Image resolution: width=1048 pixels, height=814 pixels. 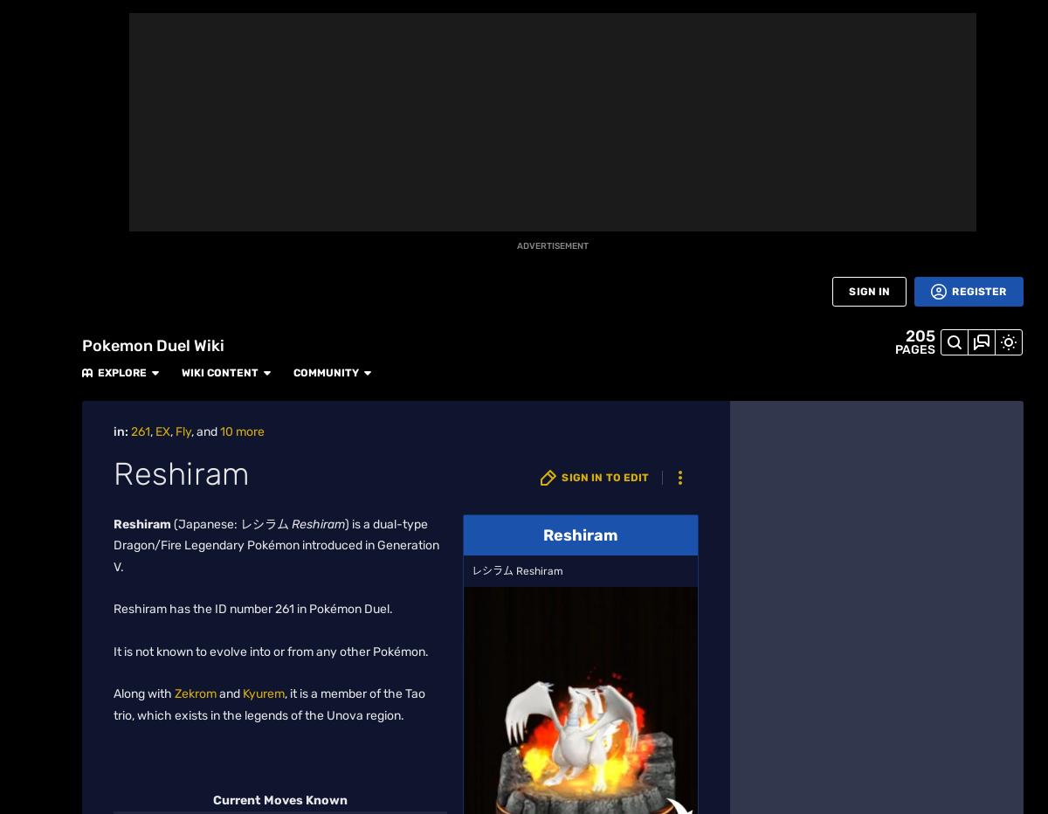 What do you see at coordinates (323, 418) in the screenshot?
I see `'plate is a must-have for this figure.'` at bounding box center [323, 418].